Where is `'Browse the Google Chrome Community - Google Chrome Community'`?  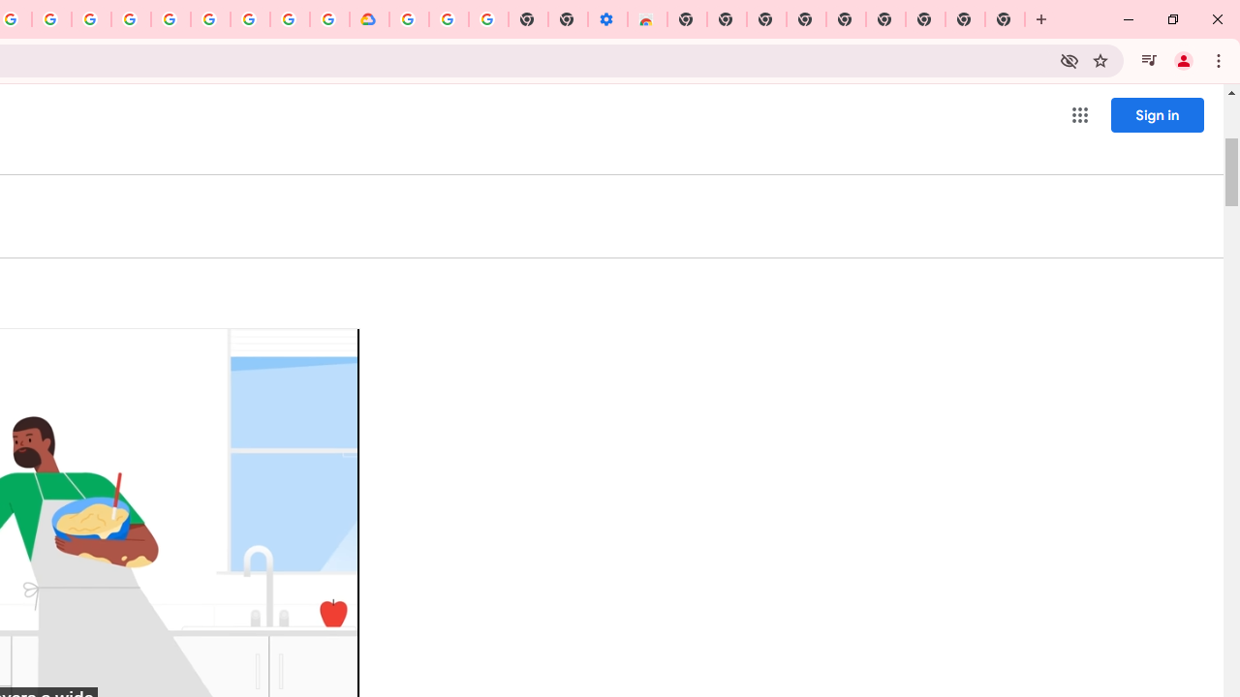
'Browse the Google Chrome Community - Google Chrome Community' is located at coordinates (329, 19).